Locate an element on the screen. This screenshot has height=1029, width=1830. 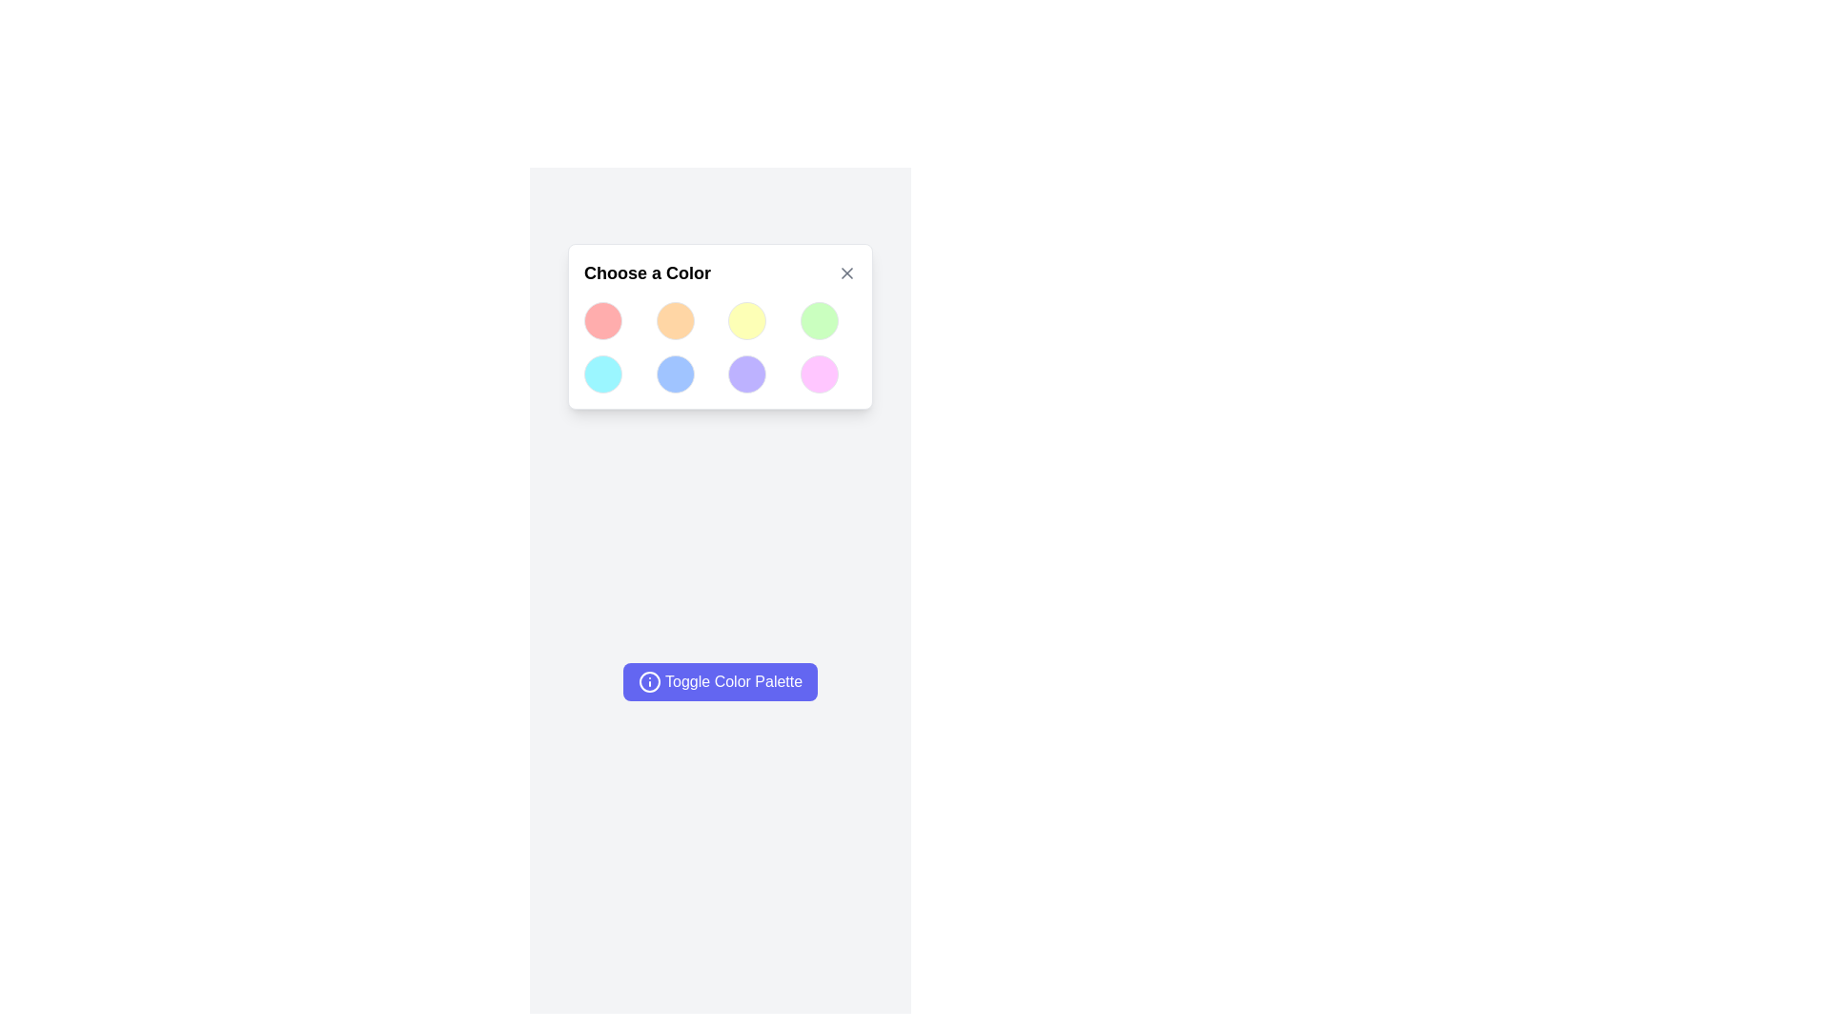
the Close button located at the top-right corner of the 'Choose a Color' interface is located at coordinates (845, 272).